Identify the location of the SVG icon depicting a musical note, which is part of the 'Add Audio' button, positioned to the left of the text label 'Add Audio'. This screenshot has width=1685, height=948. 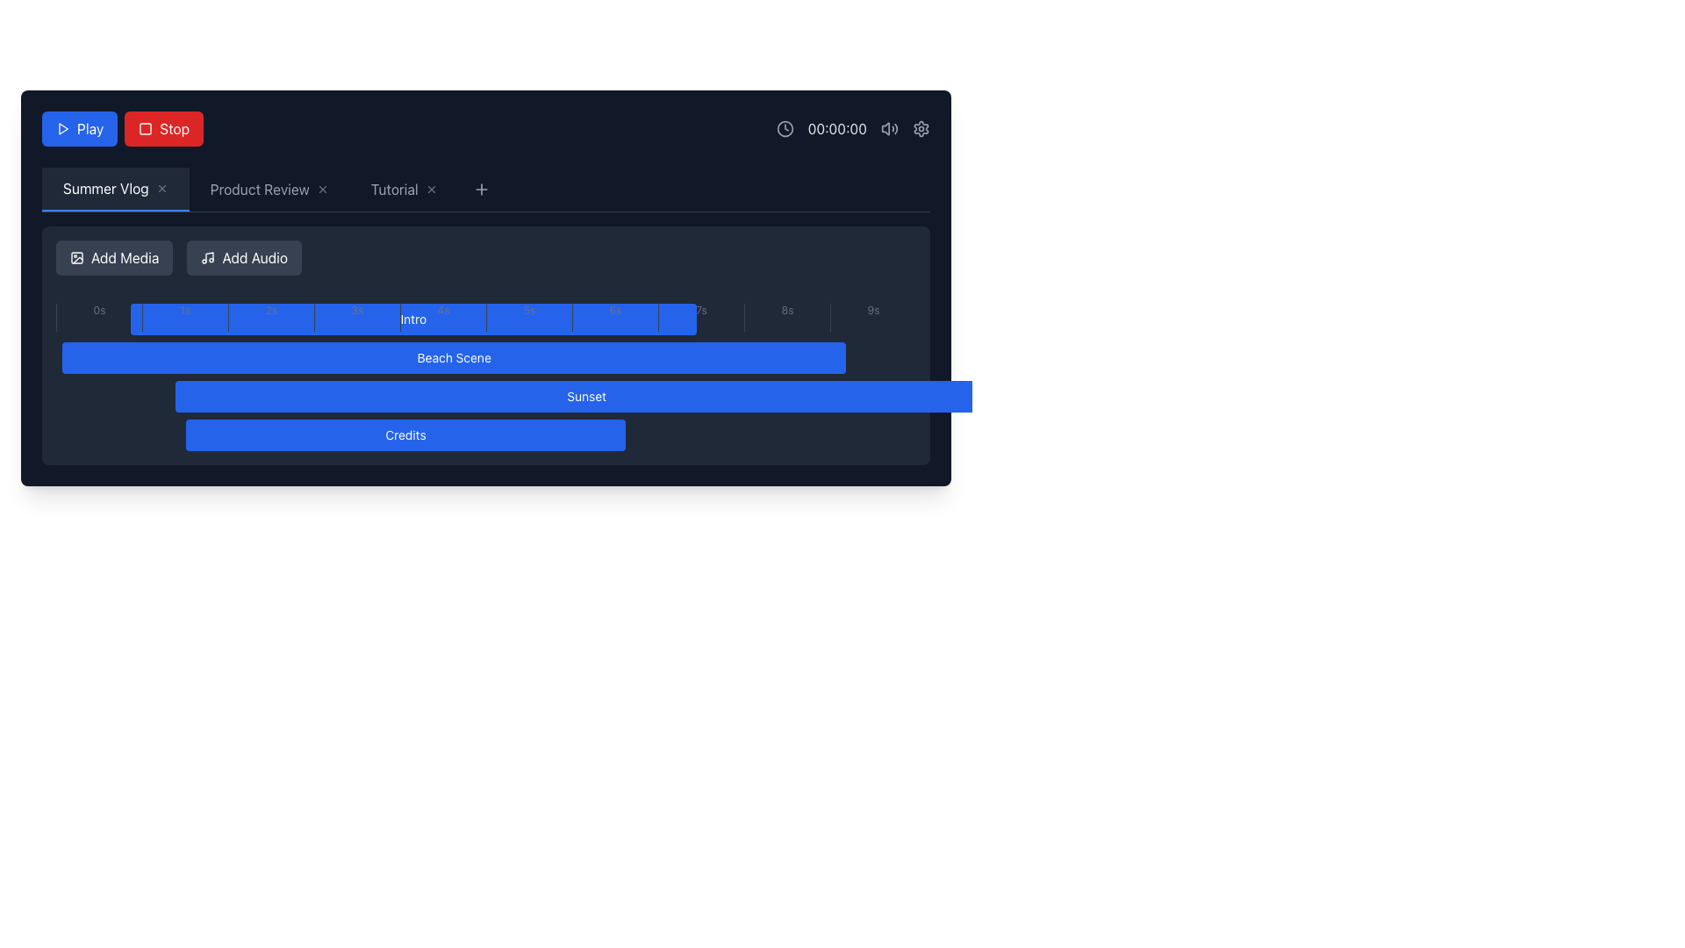
(208, 257).